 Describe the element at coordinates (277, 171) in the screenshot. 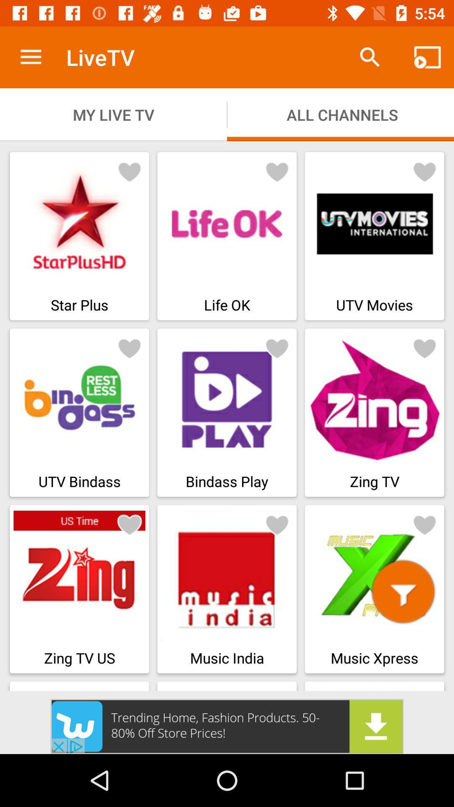

I see `bookmark button` at that location.